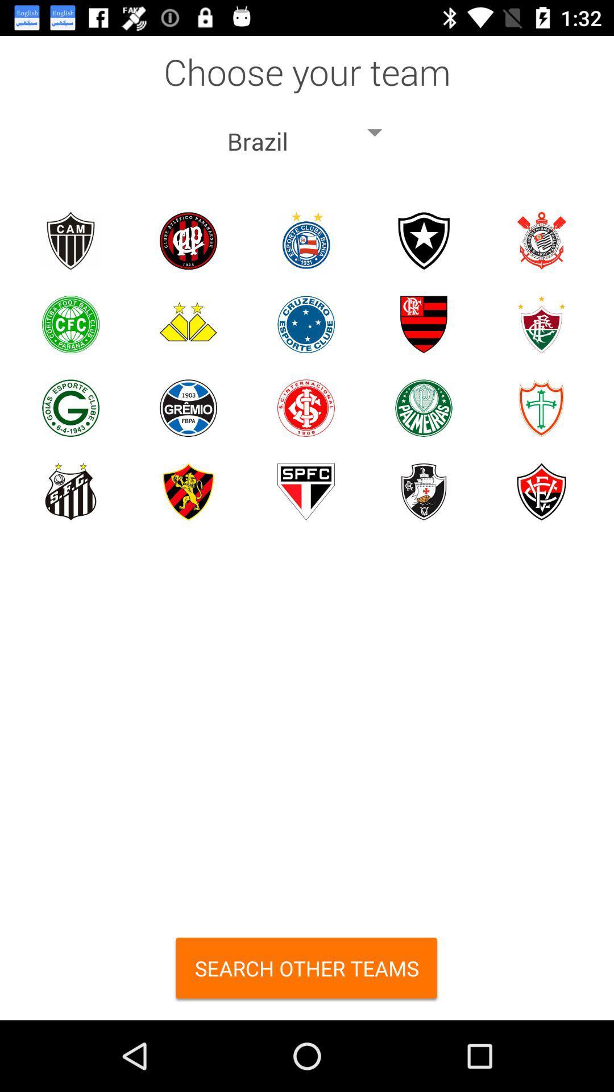  I want to click on a specific team, so click(70, 324).